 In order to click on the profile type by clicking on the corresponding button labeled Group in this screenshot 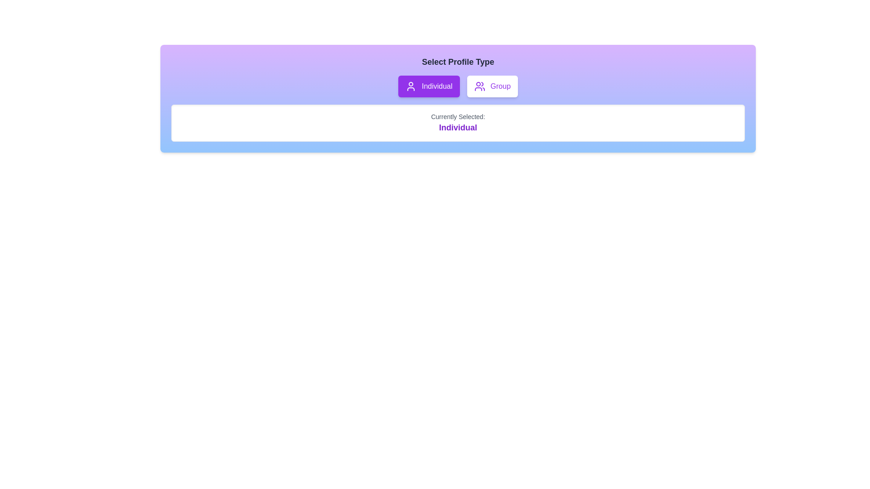, I will do `click(492, 86)`.